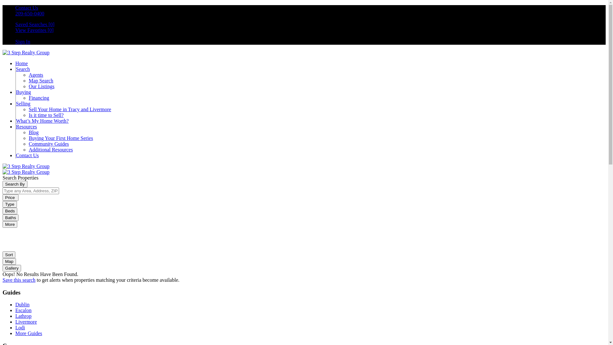 The image size is (613, 345). What do you see at coordinates (3, 261) in the screenshot?
I see `'Map'` at bounding box center [3, 261].